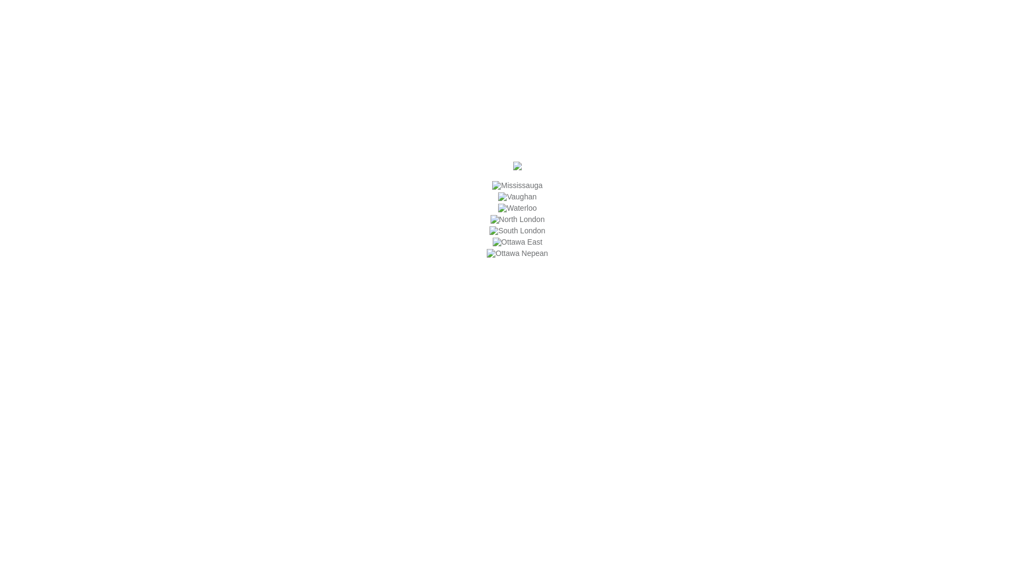 Image resolution: width=1035 pixels, height=582 pixels. I want to click on 'Waterloo', so click(498, 207).